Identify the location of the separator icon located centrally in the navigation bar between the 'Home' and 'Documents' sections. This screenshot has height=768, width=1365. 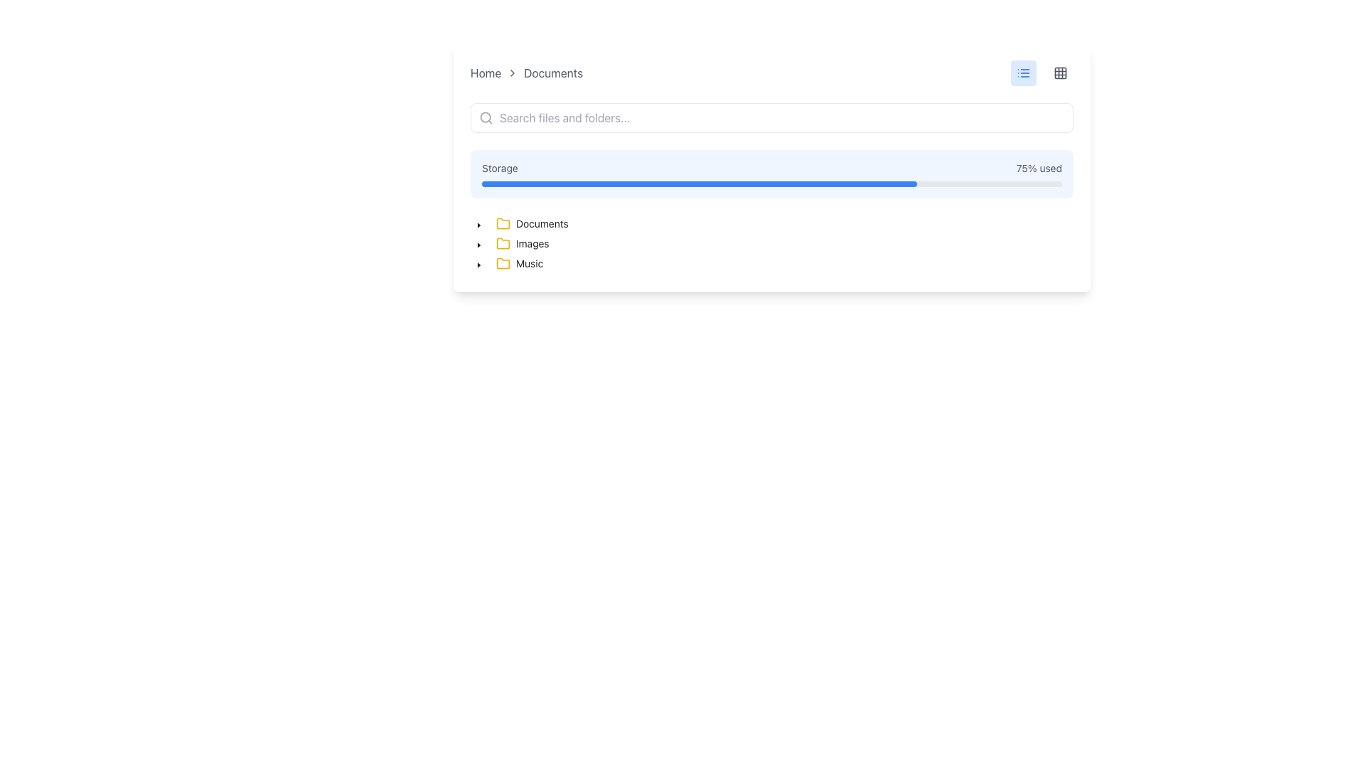
(512, 73).